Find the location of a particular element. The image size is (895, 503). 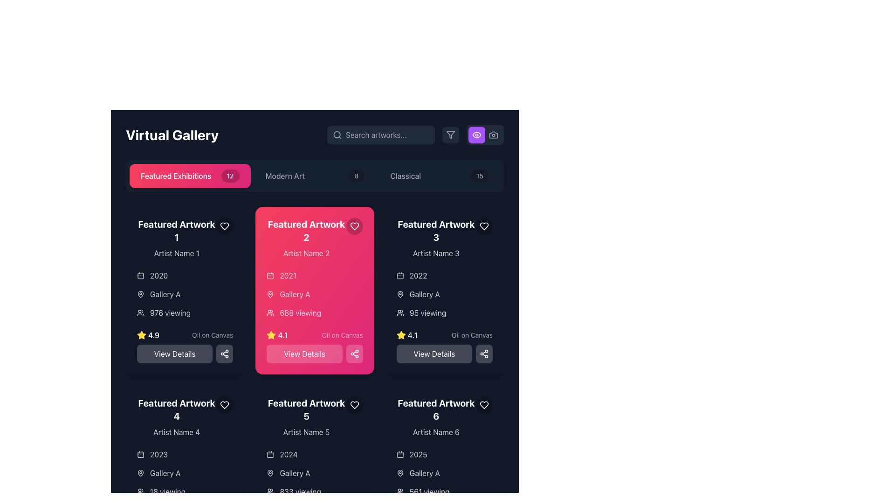

the numerical rating display (4.1) located within the 'Featured Artwork 2' card, positioned below the views text and adjacent to the yellow star icon is located at coordinates (282, 335).